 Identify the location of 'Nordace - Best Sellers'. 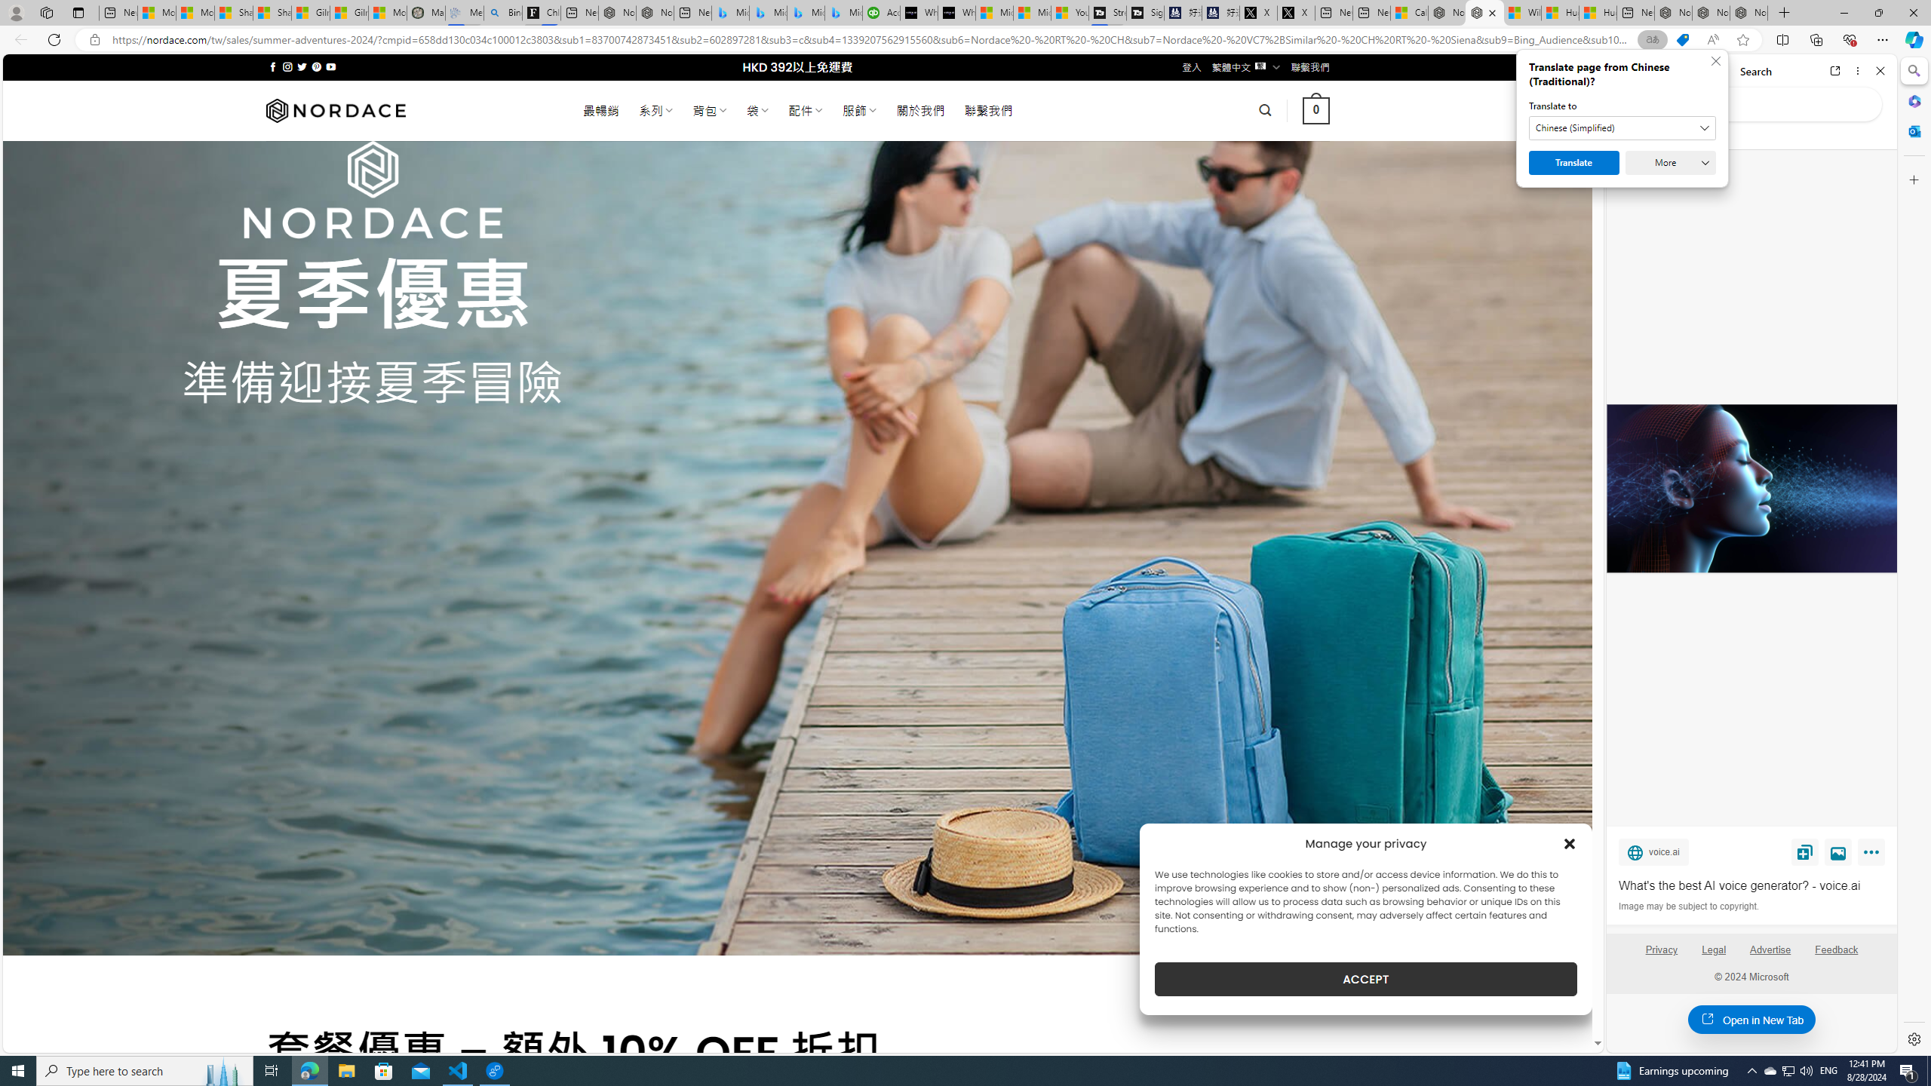
(1673, 12).